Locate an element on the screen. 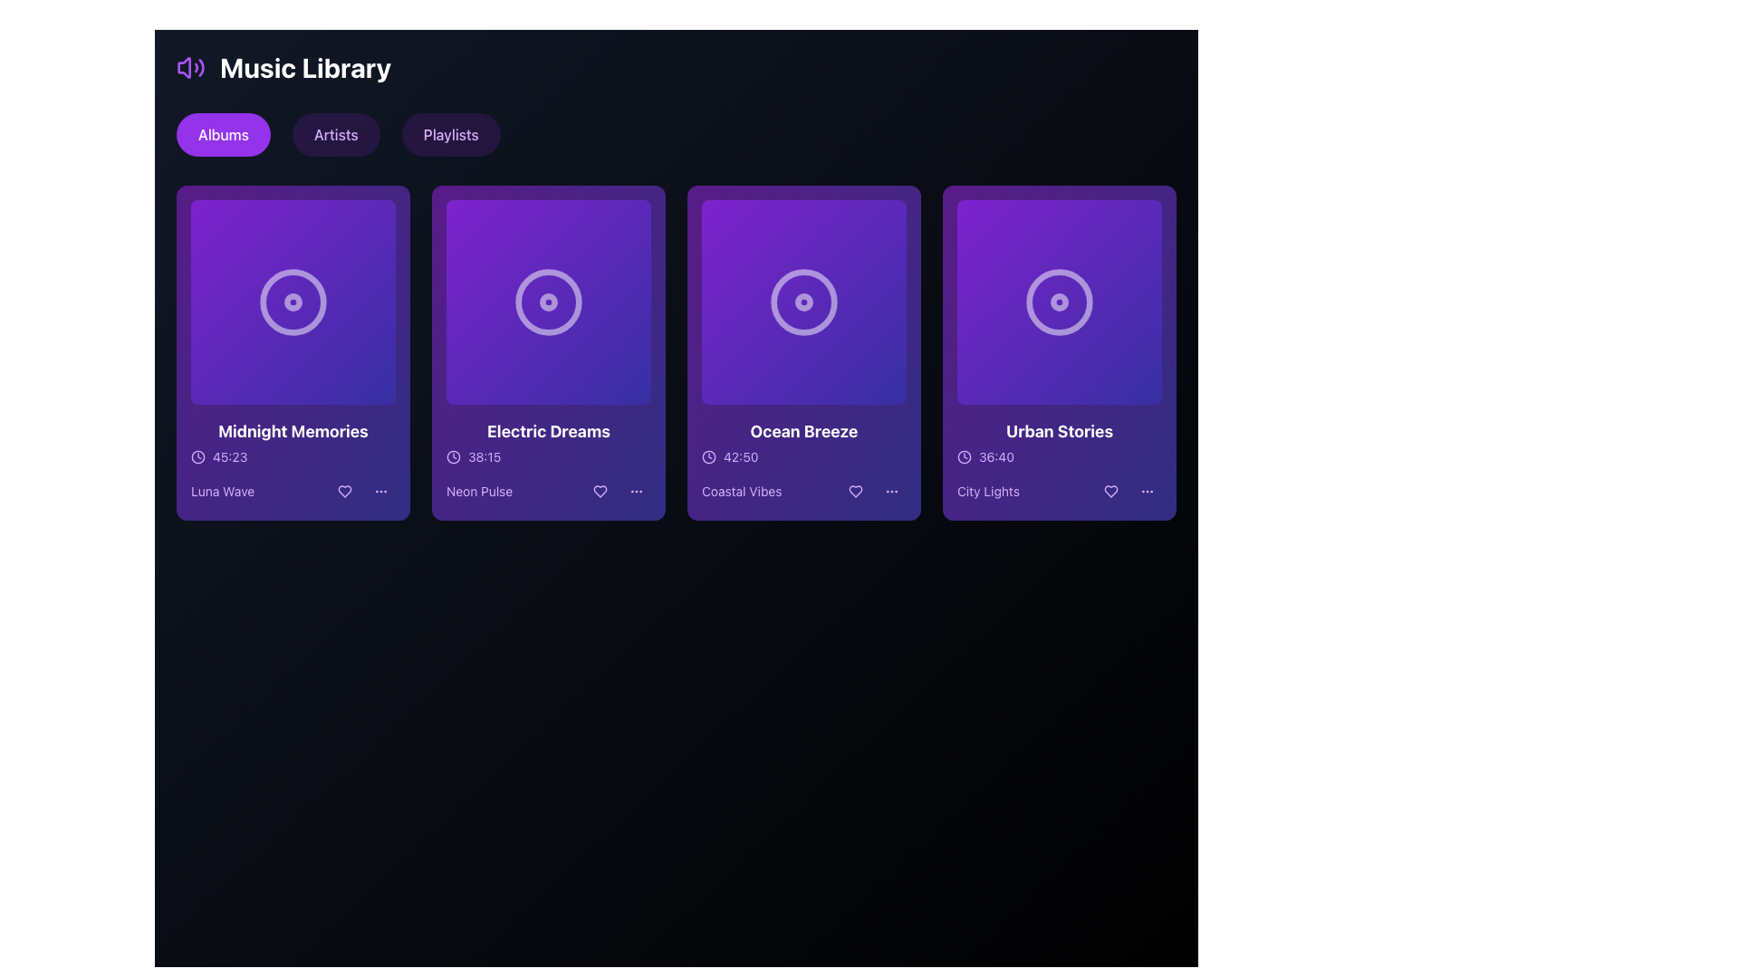 The height and width of the screenshot is (978, 1739). the clock icon component located to the left of the timing text '36:40' to associate it with the time information below is located at coordinates (964, 456).